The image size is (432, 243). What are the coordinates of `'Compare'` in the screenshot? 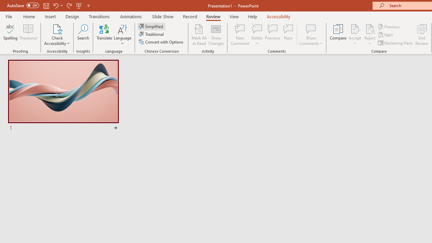 It's located at (338, 35).